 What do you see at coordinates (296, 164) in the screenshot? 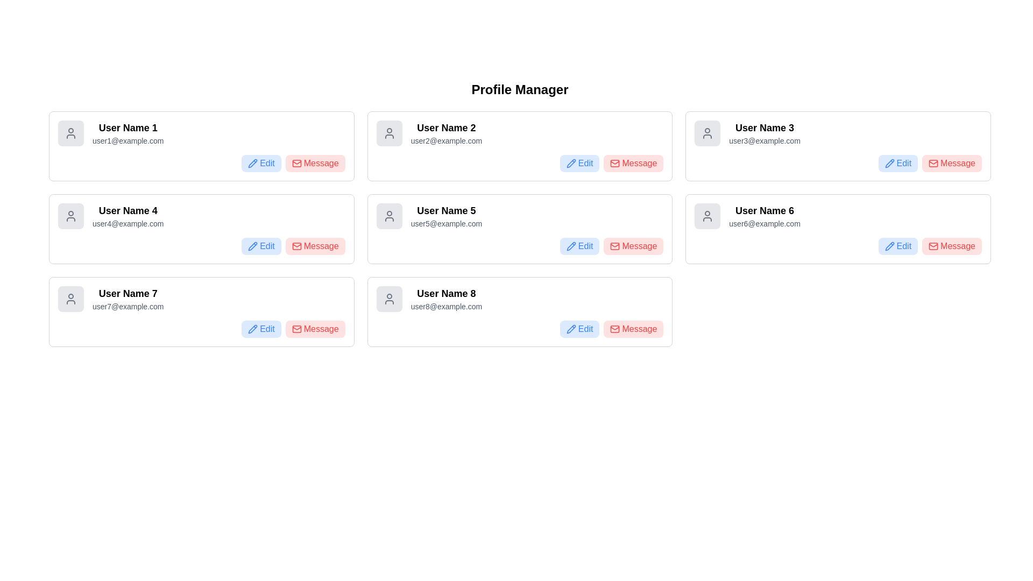
I see `the mail icon, which is a red envelope shape located within the 'Message' button, preceding the text label 'Message' in the user card for 'User Name 1'` at bounding box center [296, 164].